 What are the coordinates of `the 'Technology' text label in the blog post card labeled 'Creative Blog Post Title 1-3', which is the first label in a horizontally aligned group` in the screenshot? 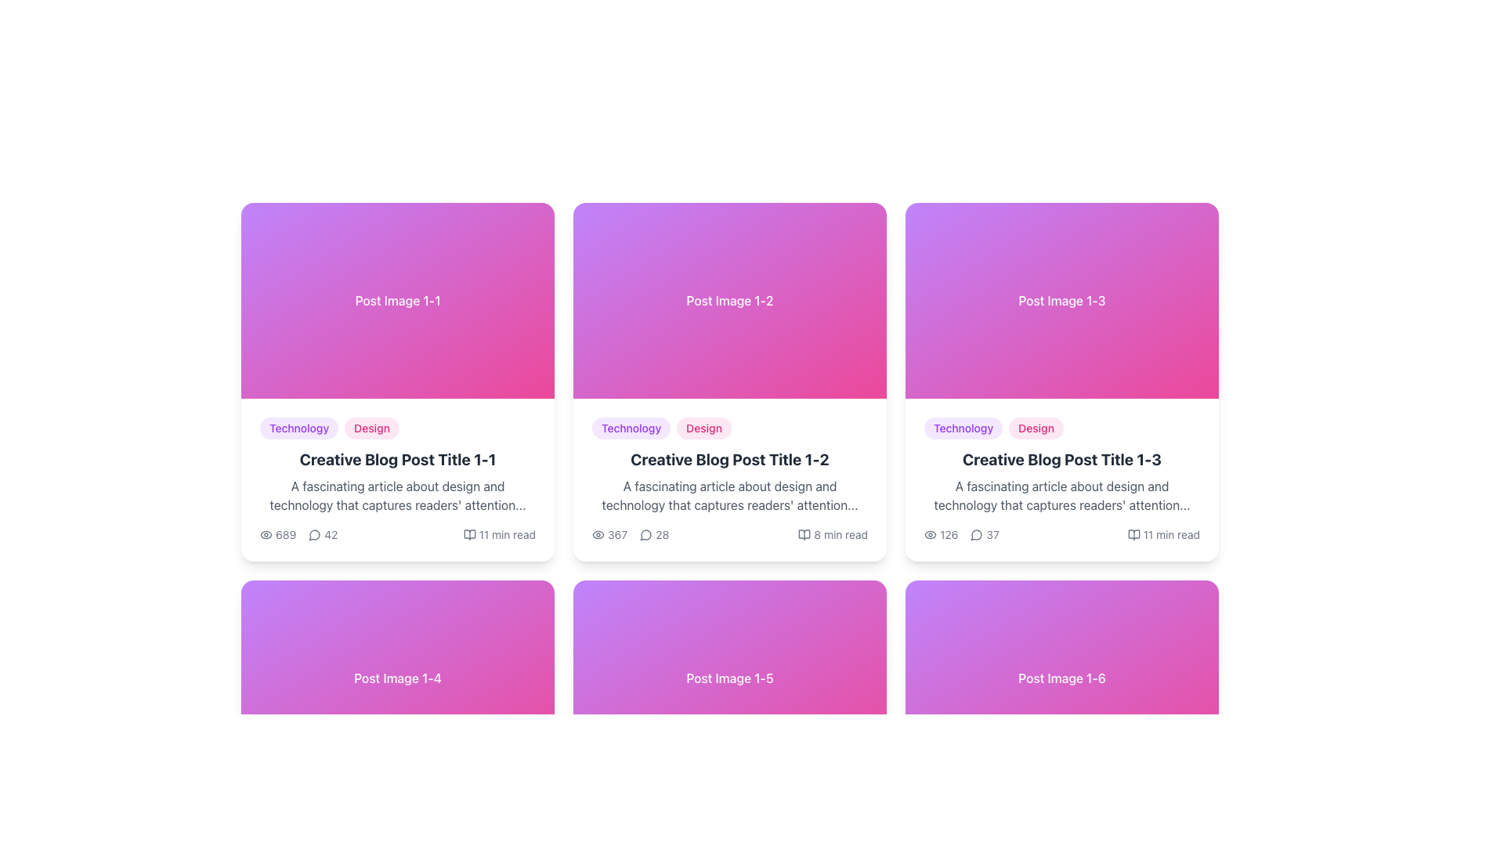 It's located at (963, 428).